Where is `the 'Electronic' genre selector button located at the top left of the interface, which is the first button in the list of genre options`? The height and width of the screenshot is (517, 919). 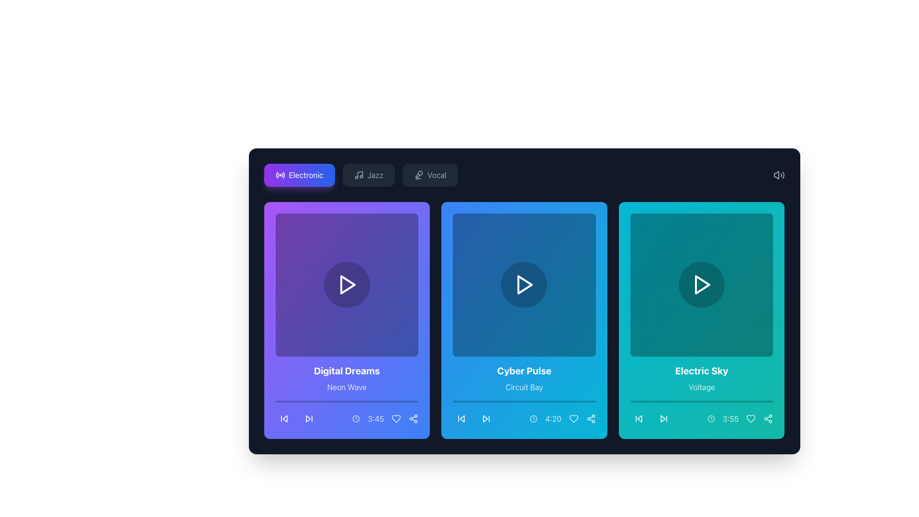
the 'Electronic' genre selector button located at the top left of the interface, which is the first button in the list of genre options is located at coordinates (299, 175).